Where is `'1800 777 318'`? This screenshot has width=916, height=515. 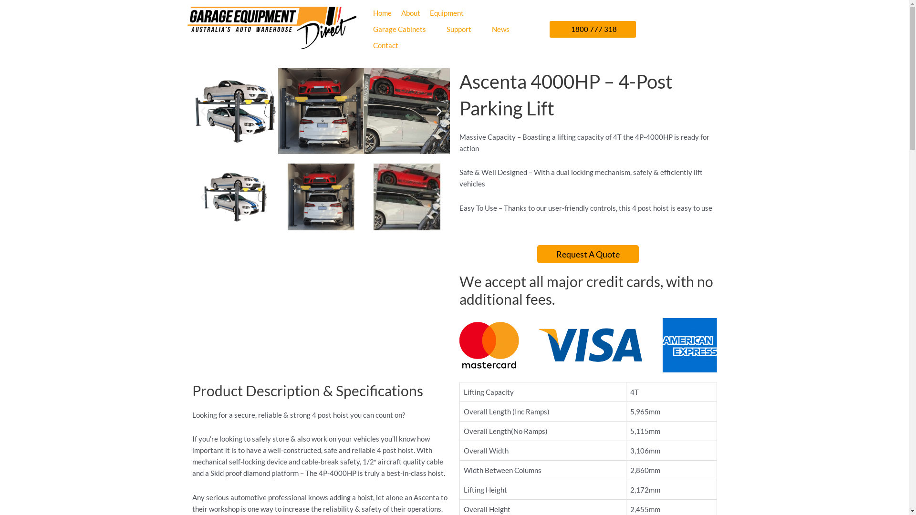
'1800 777 318' is located at coordinates (592, 29).